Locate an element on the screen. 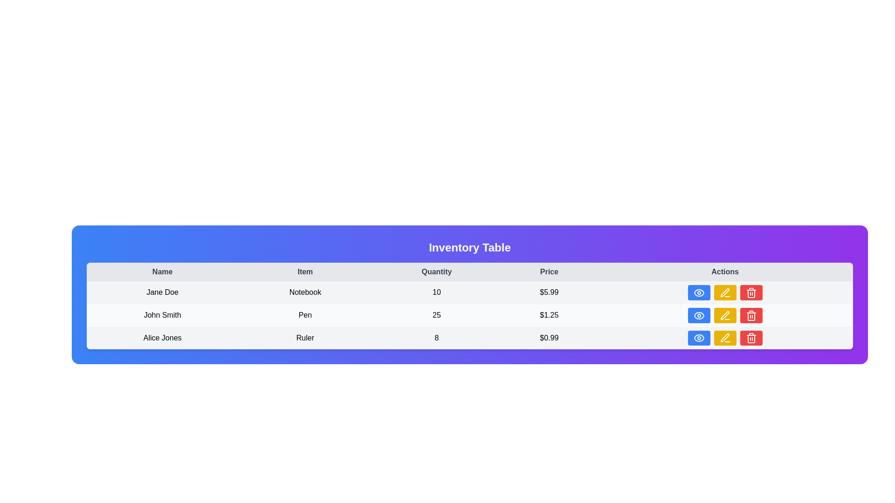 The height and width of the screenshot is (503, 895). the leftmost 'view' button in the 'Actions' column of the table for the item 'Ruler' is located at coordinates (699, 338).